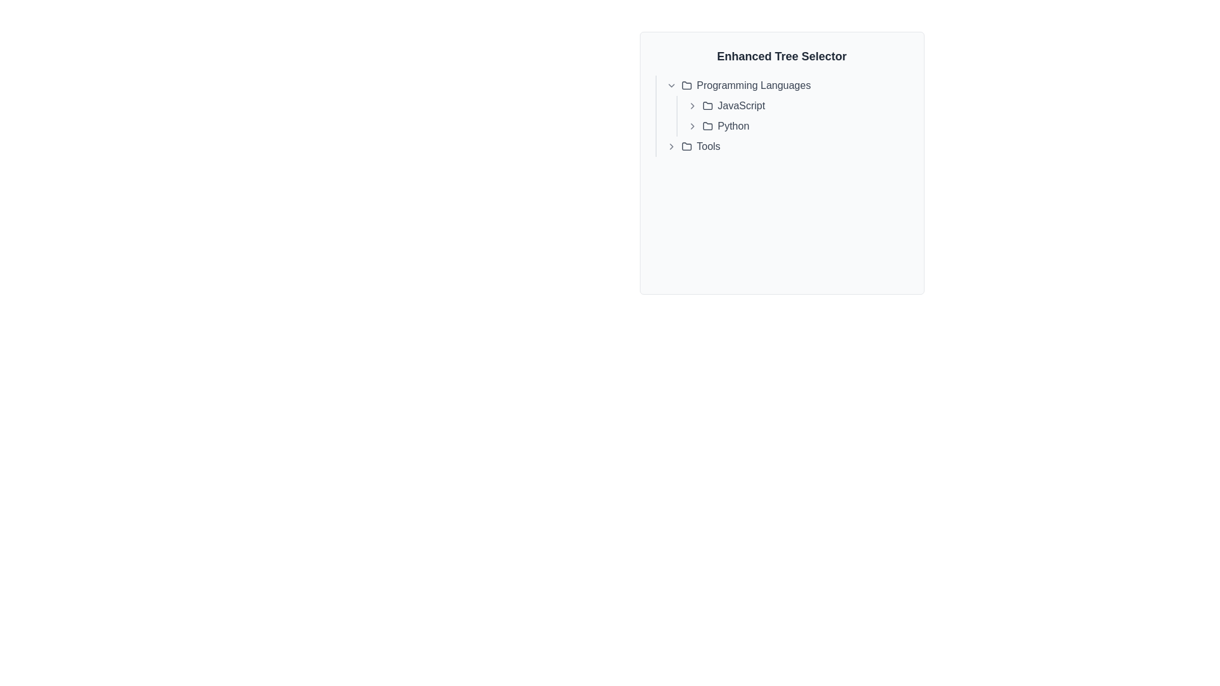 The height and width of the screenshot is (686, 1220). I want to click on the text label displaying 'Python', so click(733, 126).